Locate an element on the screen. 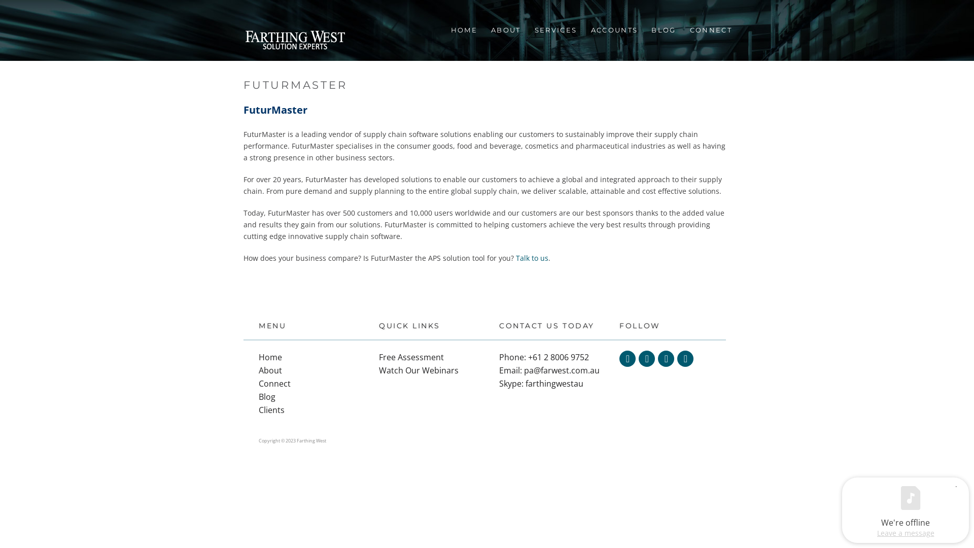  'ACCOUNTS' is located at coordinates (613, 29).